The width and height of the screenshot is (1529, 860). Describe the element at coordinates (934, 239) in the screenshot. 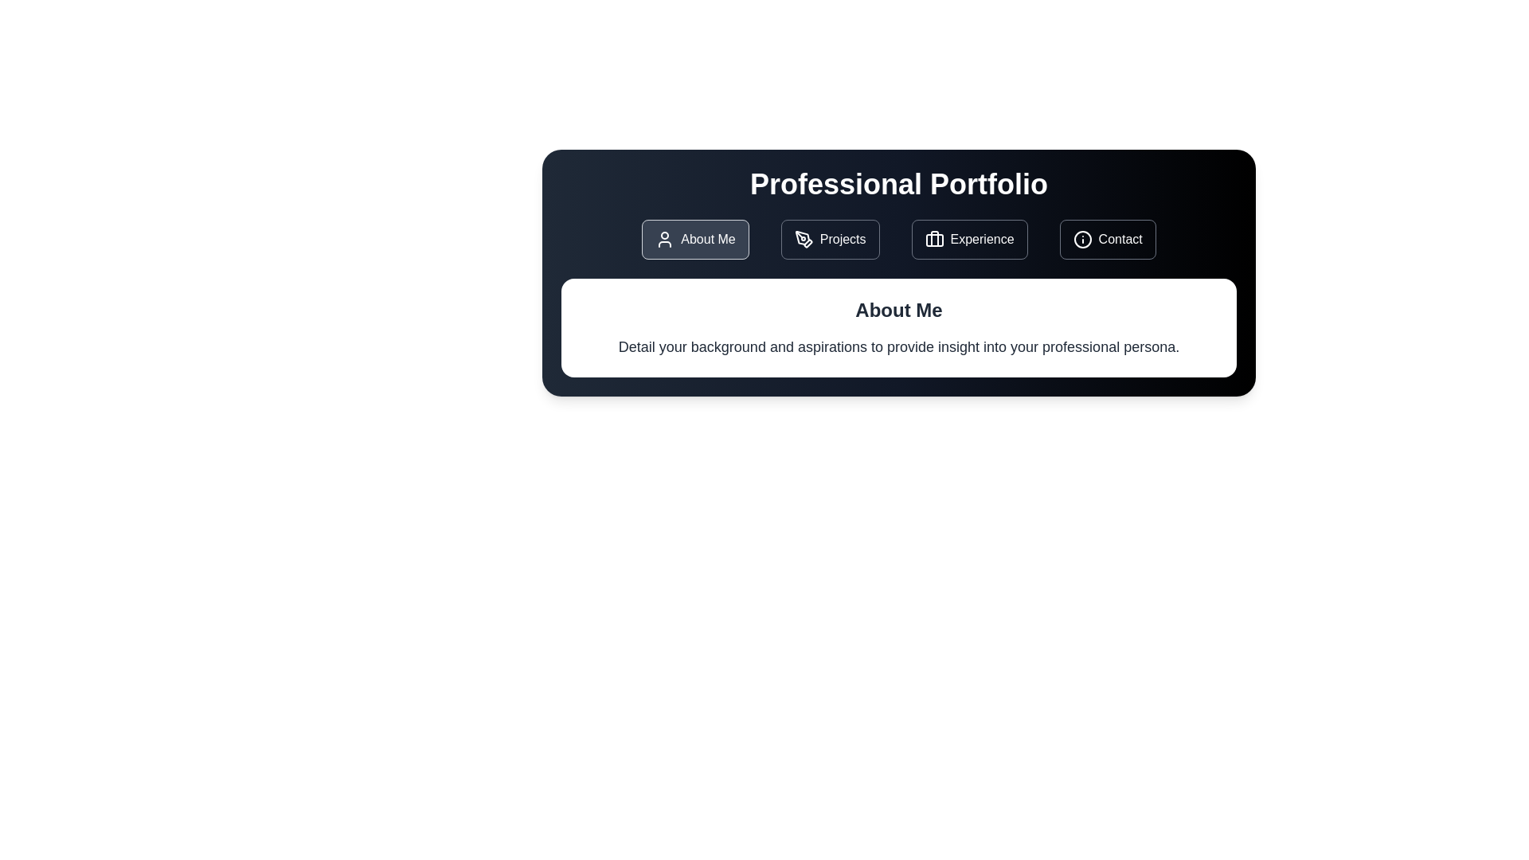

I see `vertical rectangular decorative graphic element within the 'Experience' icon in the navigation bar for development purposes` at that location.